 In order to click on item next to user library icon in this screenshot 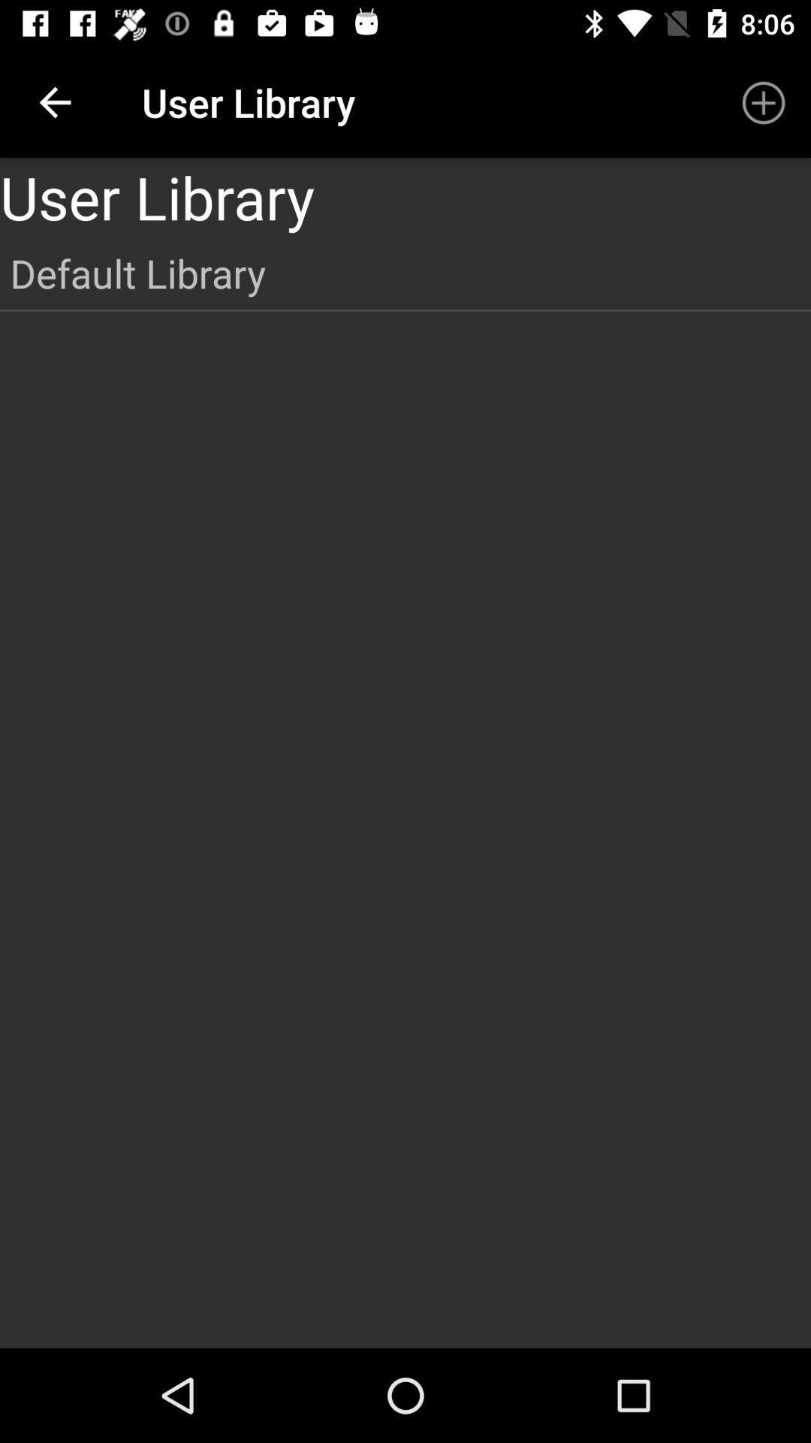, I will do `click(54, 101)`.